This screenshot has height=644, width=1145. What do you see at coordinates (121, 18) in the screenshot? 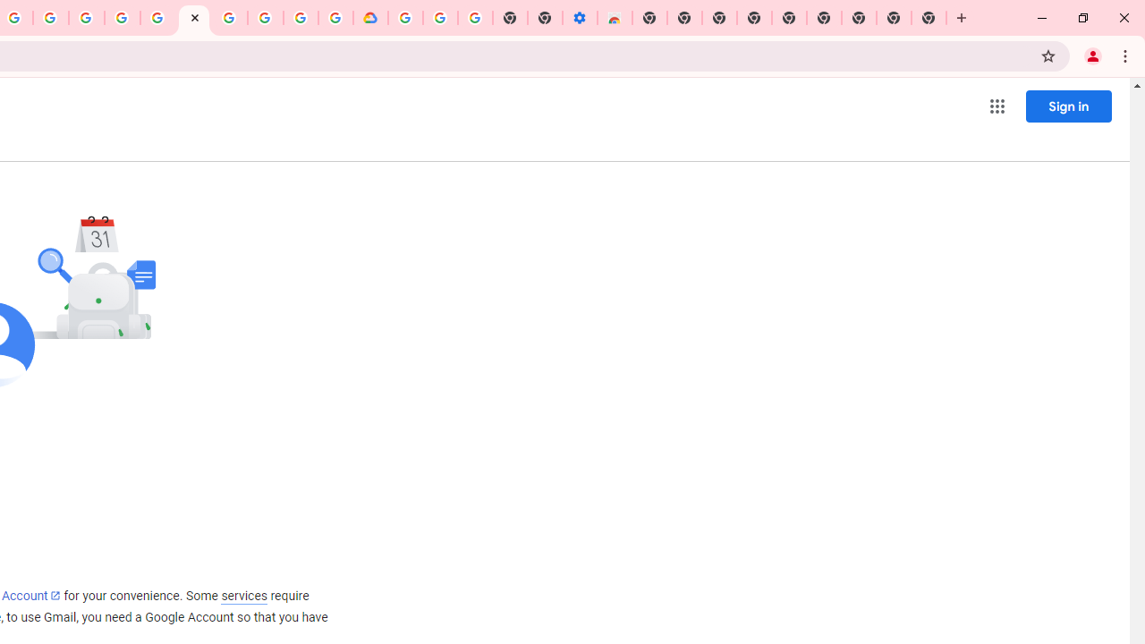
I see `'Ad Settings'` at bounding box center [121, 18].